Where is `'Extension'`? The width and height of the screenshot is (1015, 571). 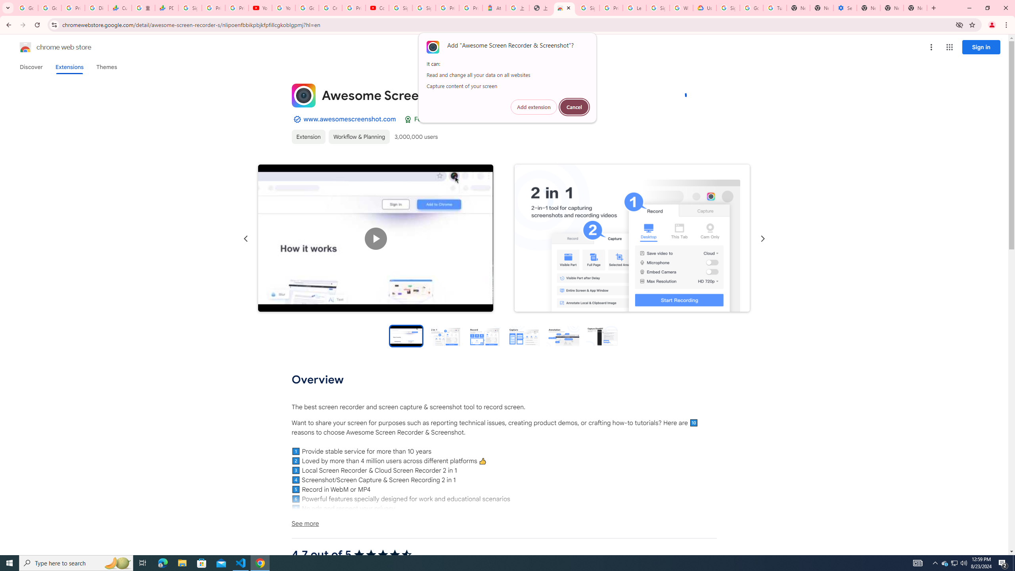 'Extension' is located at coordinates (308, 136).